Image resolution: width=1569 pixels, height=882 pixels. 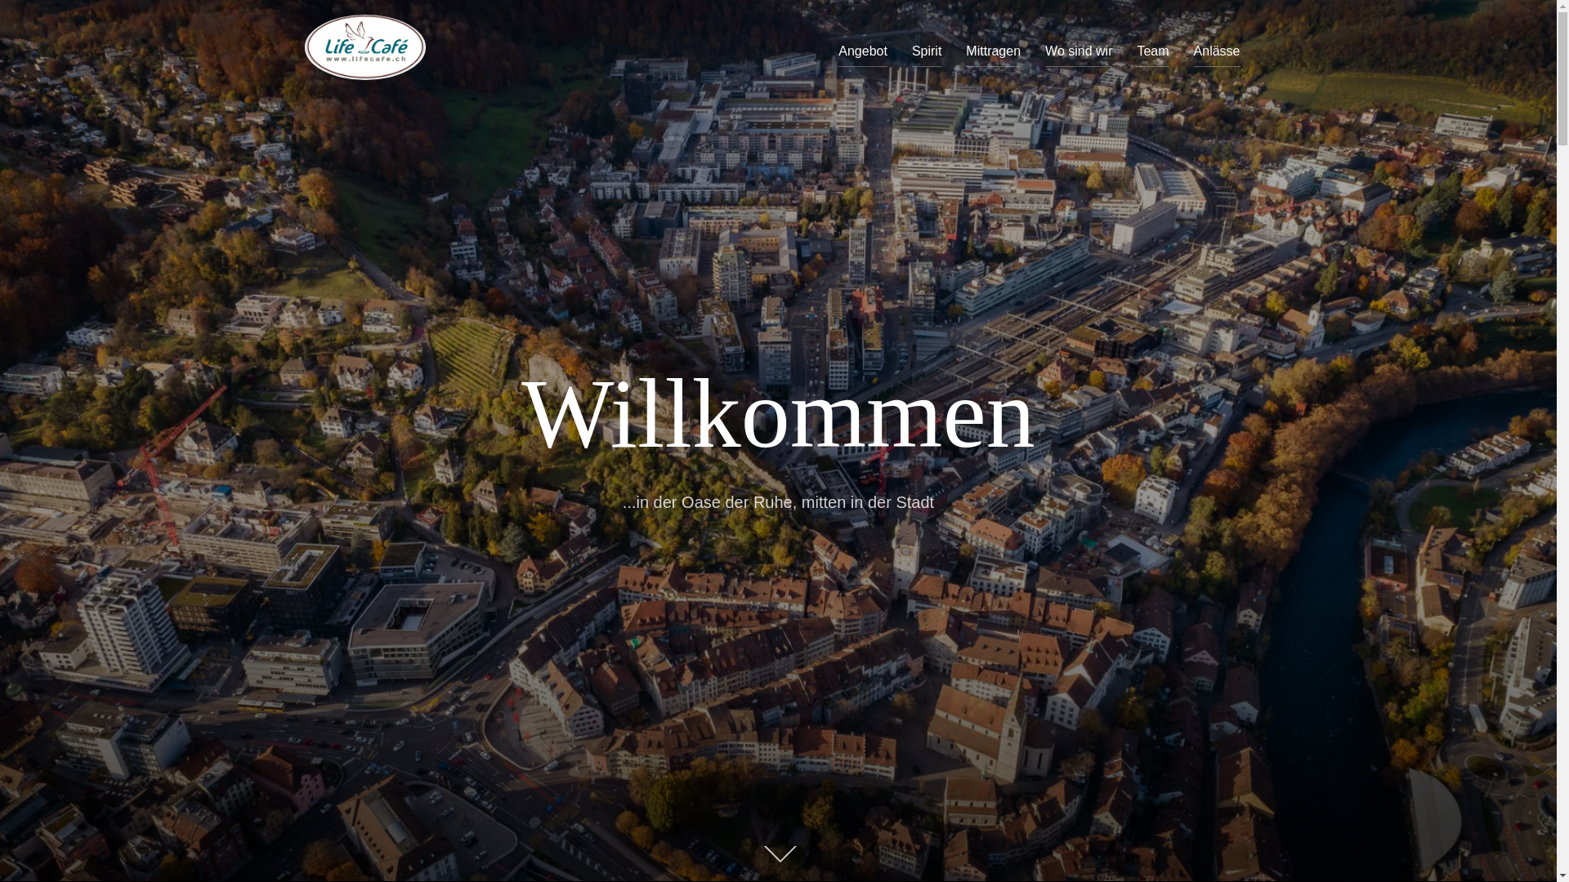 I want to click on 'Angebot', so click(x=862, y=50).